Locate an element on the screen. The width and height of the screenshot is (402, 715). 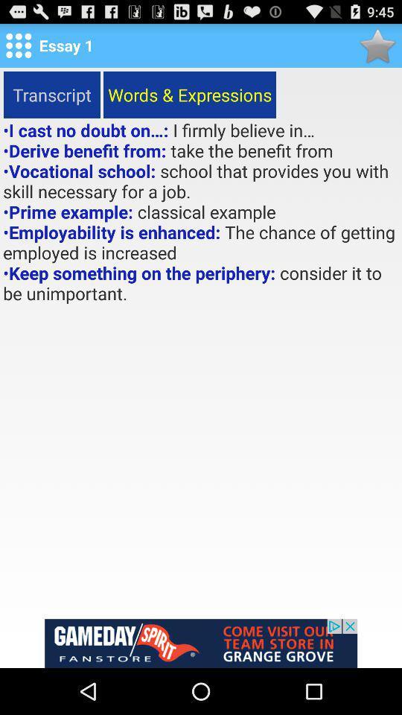
adding favorite star icon is located at coordinates (377, 45).